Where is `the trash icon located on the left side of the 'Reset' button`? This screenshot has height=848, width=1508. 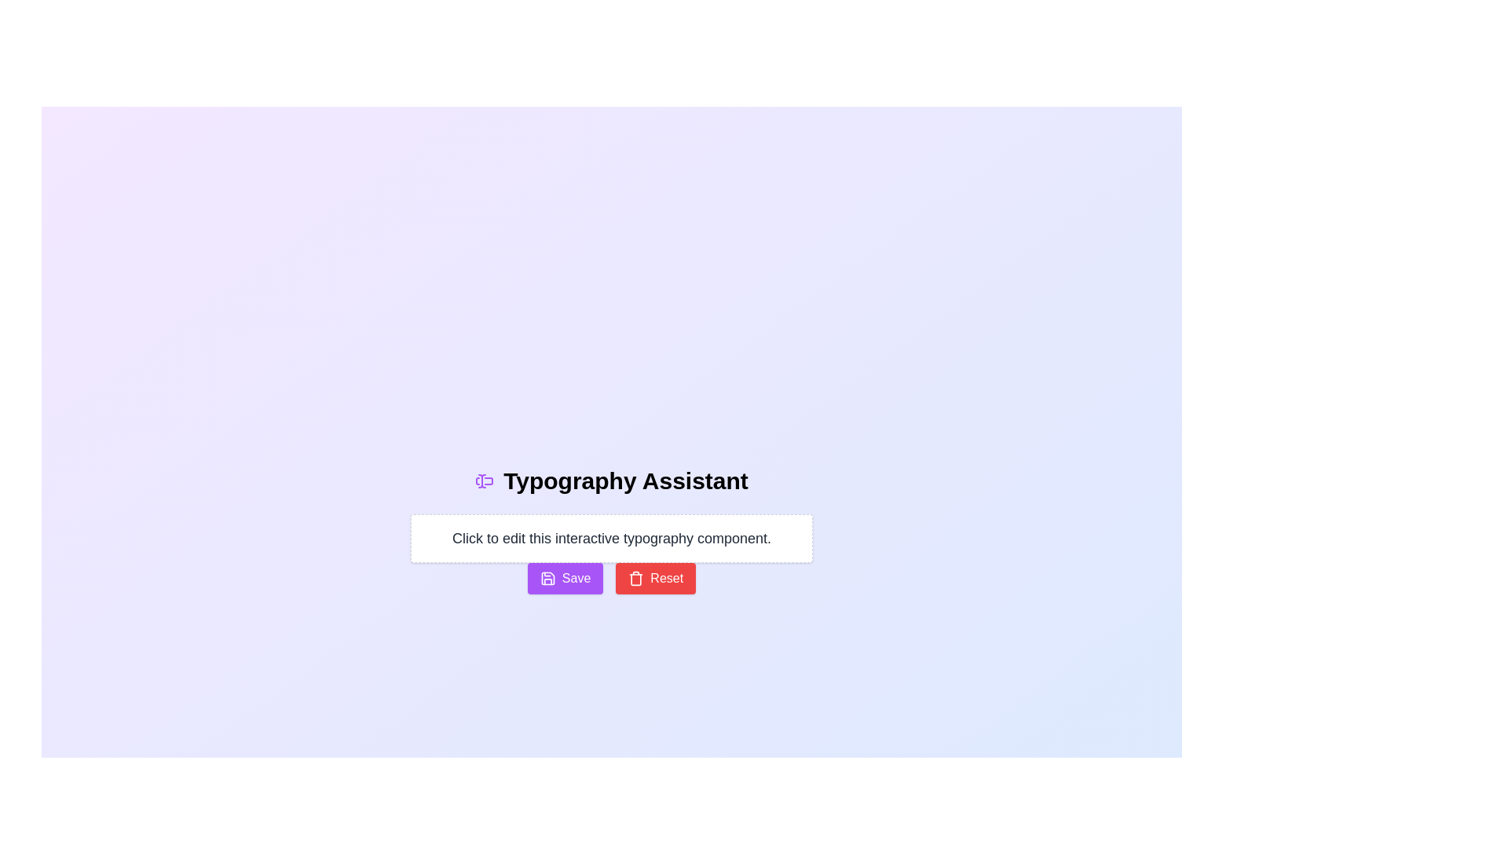
the trash icon located on the left side of the 'Reset' button is located at coordinates (636, 578).